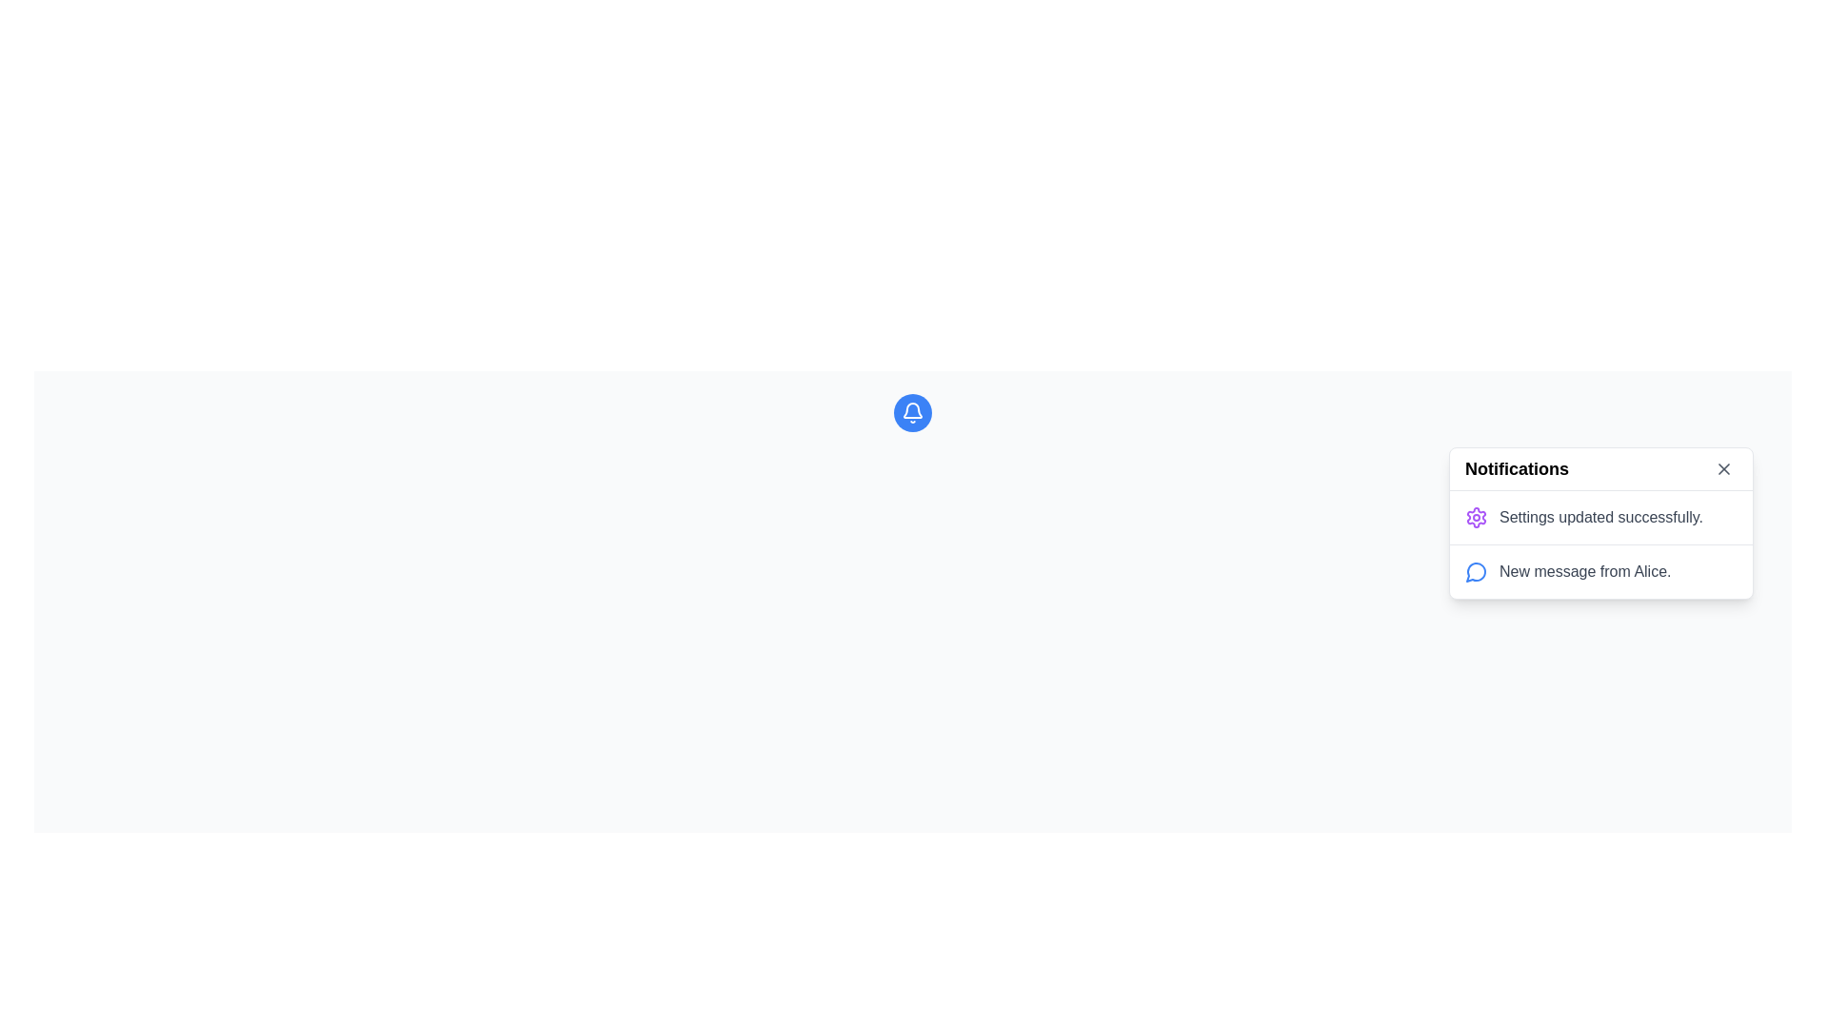 The image size is (1828, 1028). Describe the element at coordinates (1723, 469) in the screenshot. I see `the 'X' shaped close icon located at the upper-right corner of the notification panel` at that location.